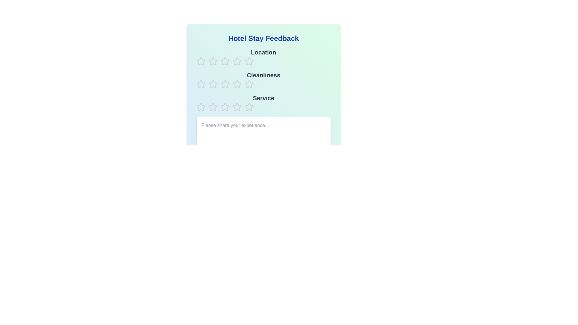  What do you see at coordinates (263, 57) in the screenshot?
I see `the 'Location' text label that signifies the purpose of the rating stars for the attribute 'Location', positioned above the rating stars in the feedback form interface` at bounding box center [263, 57].